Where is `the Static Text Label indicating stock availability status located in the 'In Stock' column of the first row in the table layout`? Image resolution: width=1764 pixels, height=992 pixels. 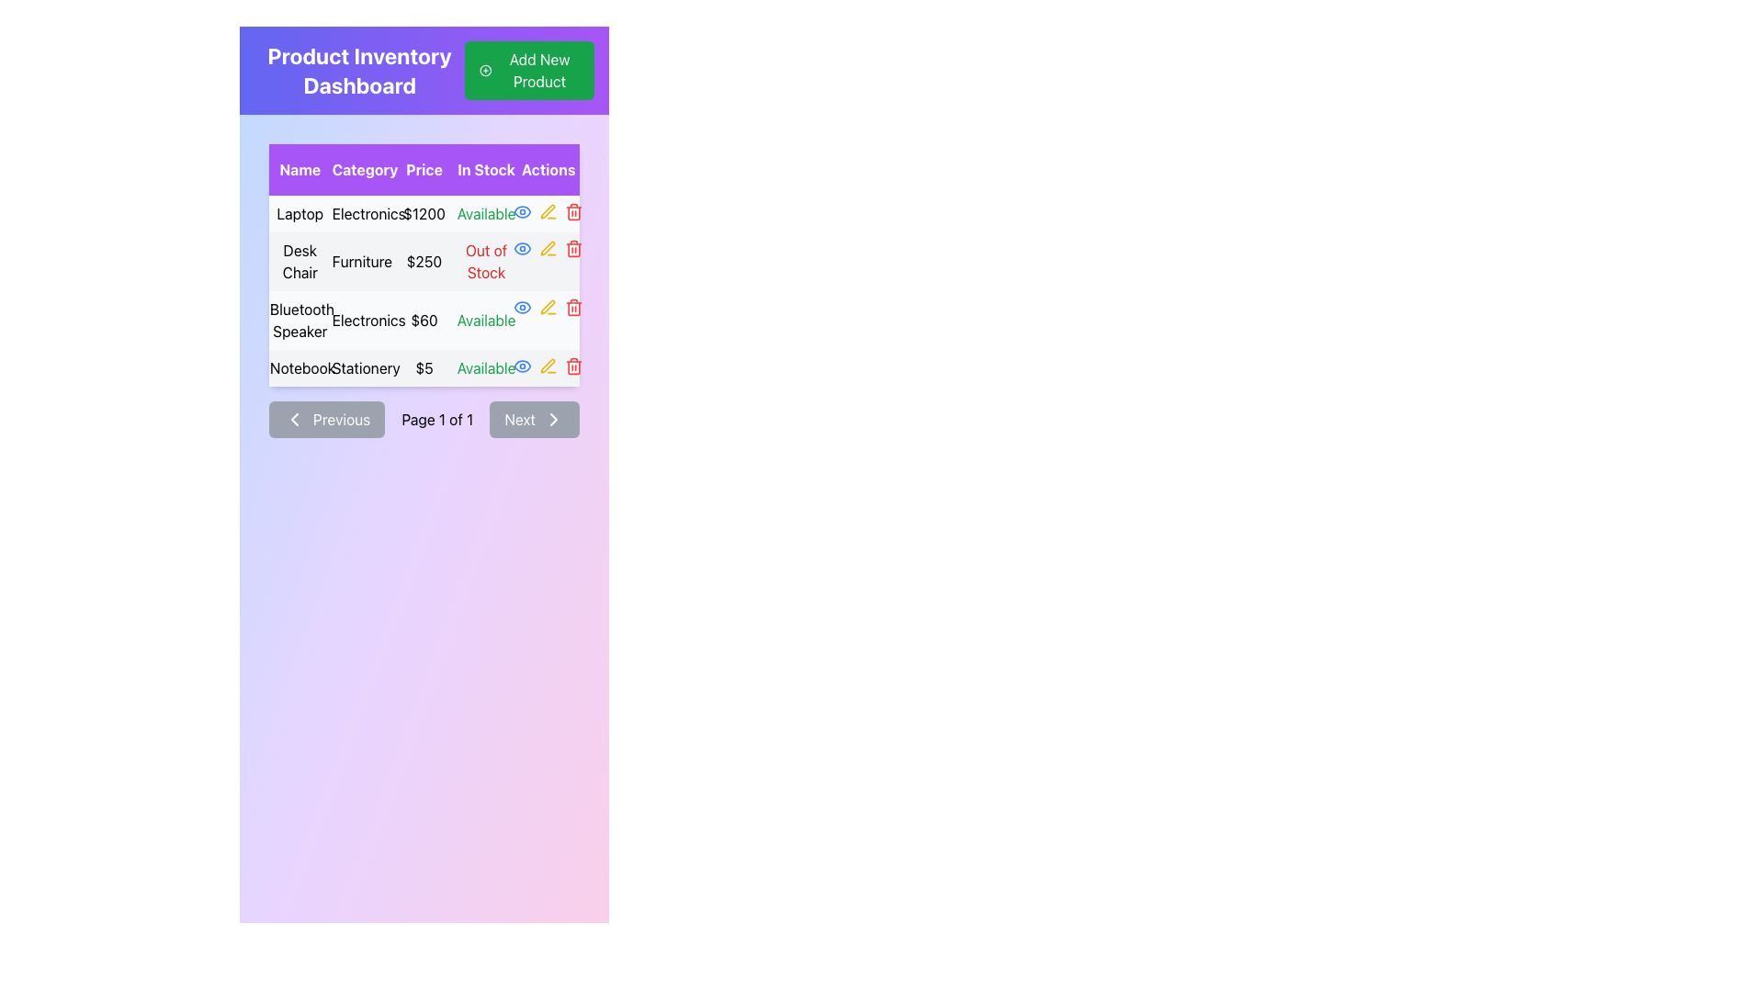 the Static Text Label indicating stock availability status located in the 'In Stock' column of the first row in the table layout is located at coordinates (486, 212).